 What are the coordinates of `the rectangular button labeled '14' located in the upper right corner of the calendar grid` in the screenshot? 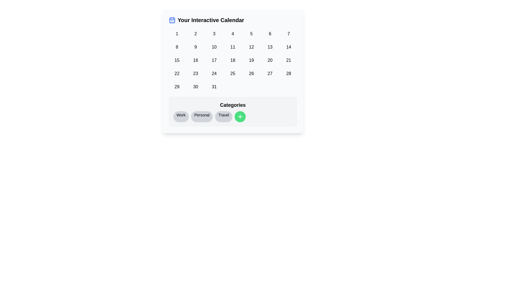 It's located at (288, 47).